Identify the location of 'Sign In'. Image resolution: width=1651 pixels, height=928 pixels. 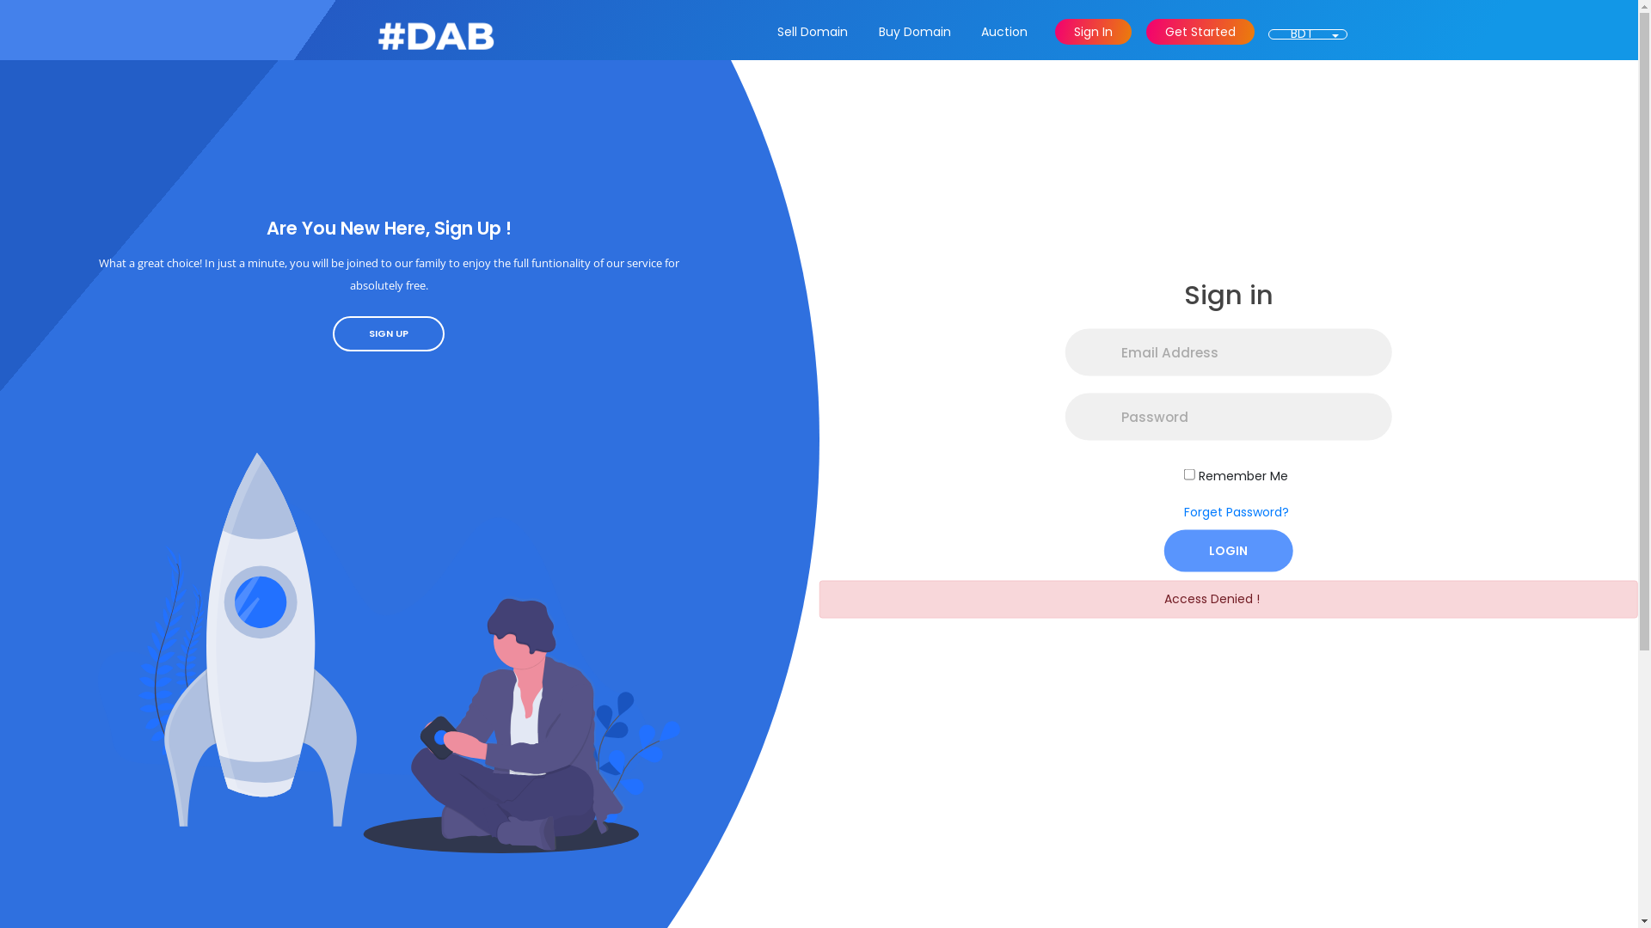
(1092, 32).